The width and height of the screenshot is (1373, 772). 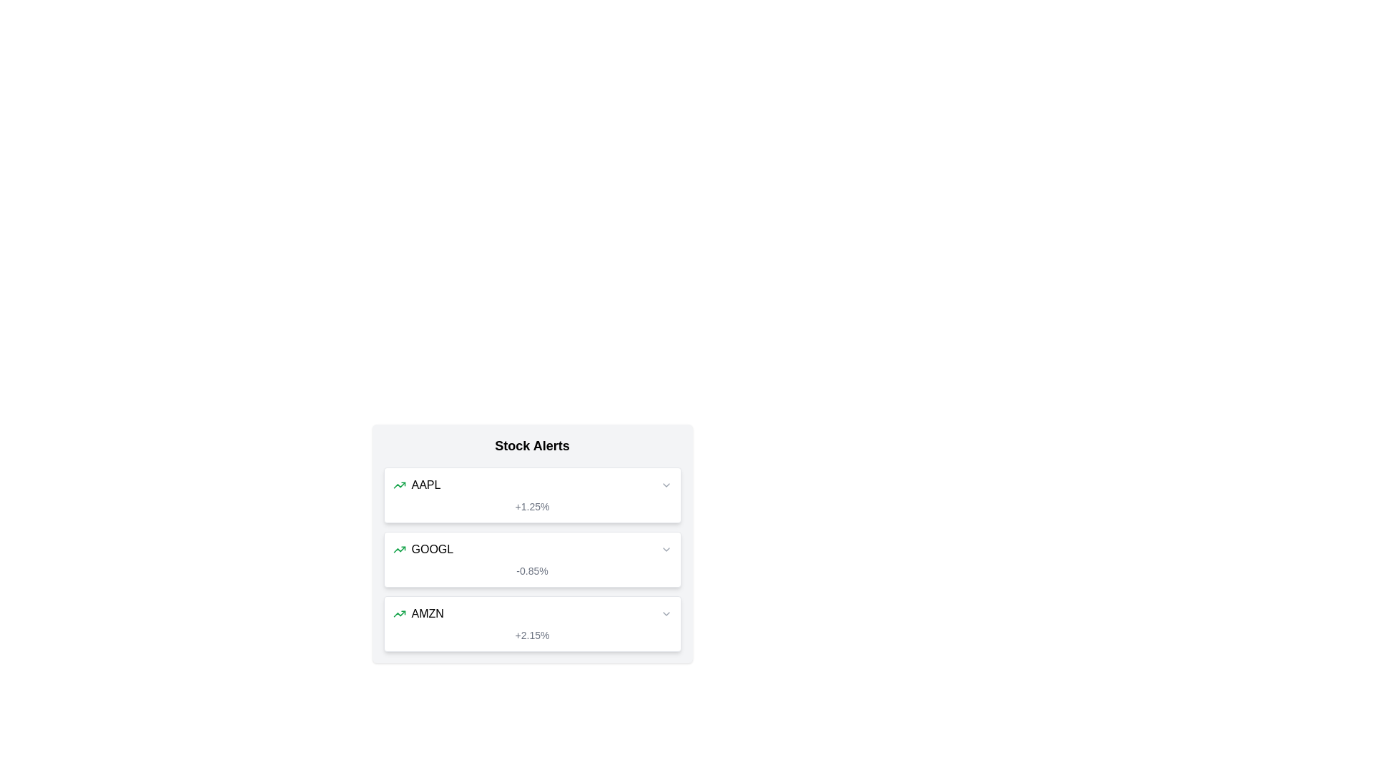 What do you see at coordinates (418, 613) in the screenshot?
I see `the stock item label for 'AMZN'` at bounding box center [418, 613].